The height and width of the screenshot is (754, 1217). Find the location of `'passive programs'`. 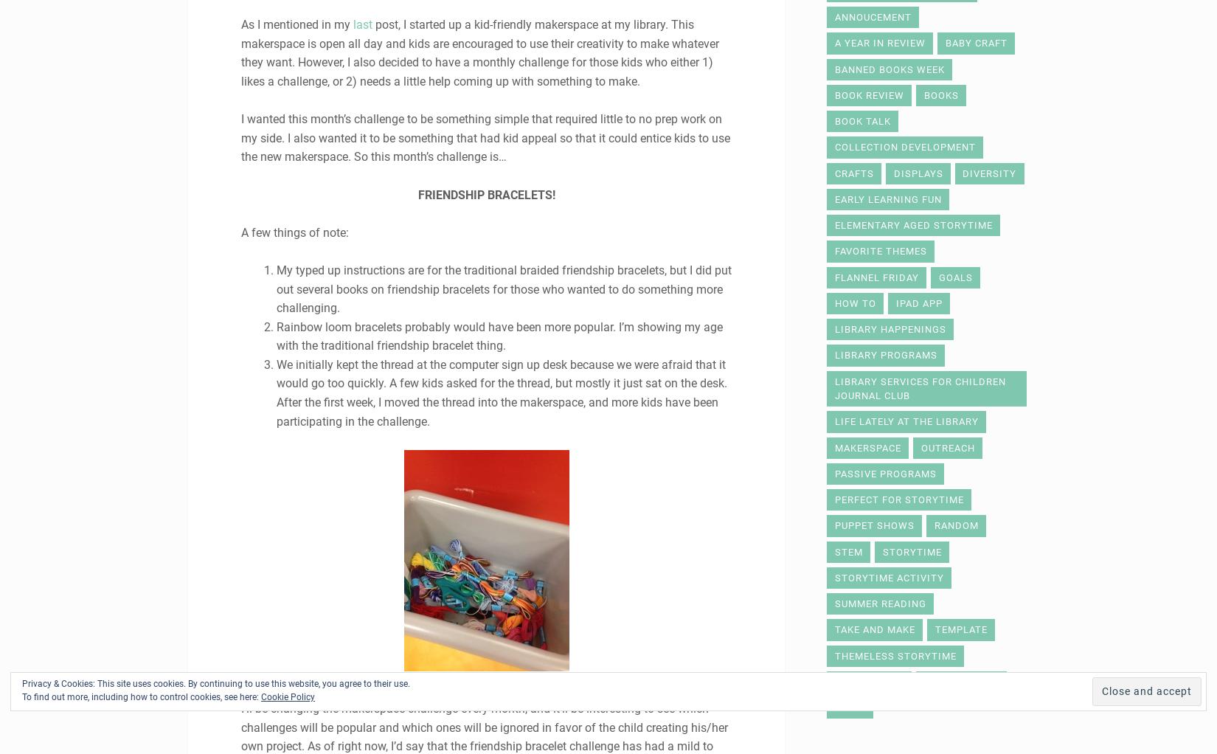

'passive programs' is located at coordinates (885, 473).